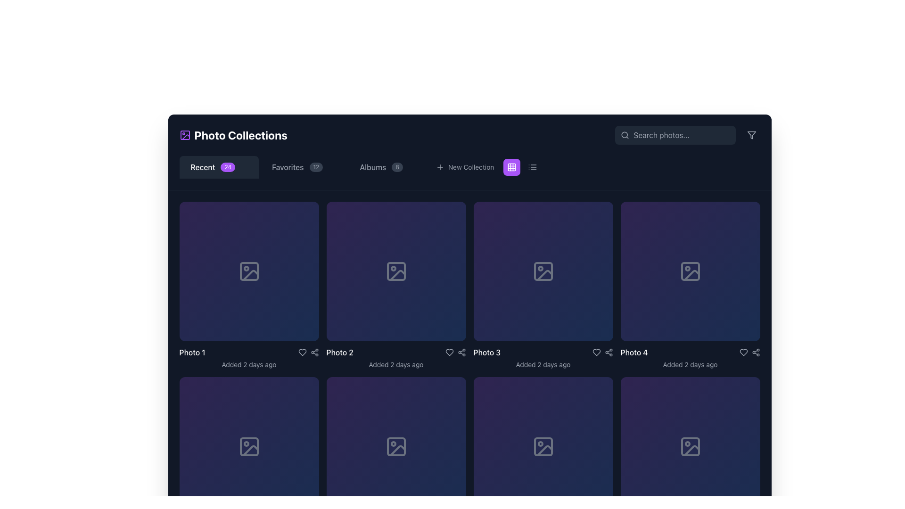 The width and height of the screenshot is (905, 509). What do you see at coordinates (228, 166) in the screenshot?
I see `the small rounded rectangular badge with a purple background displaying the number '24', located within the 'Recent' button in the horizontal navigation bar` at bounding box center [228, 166].